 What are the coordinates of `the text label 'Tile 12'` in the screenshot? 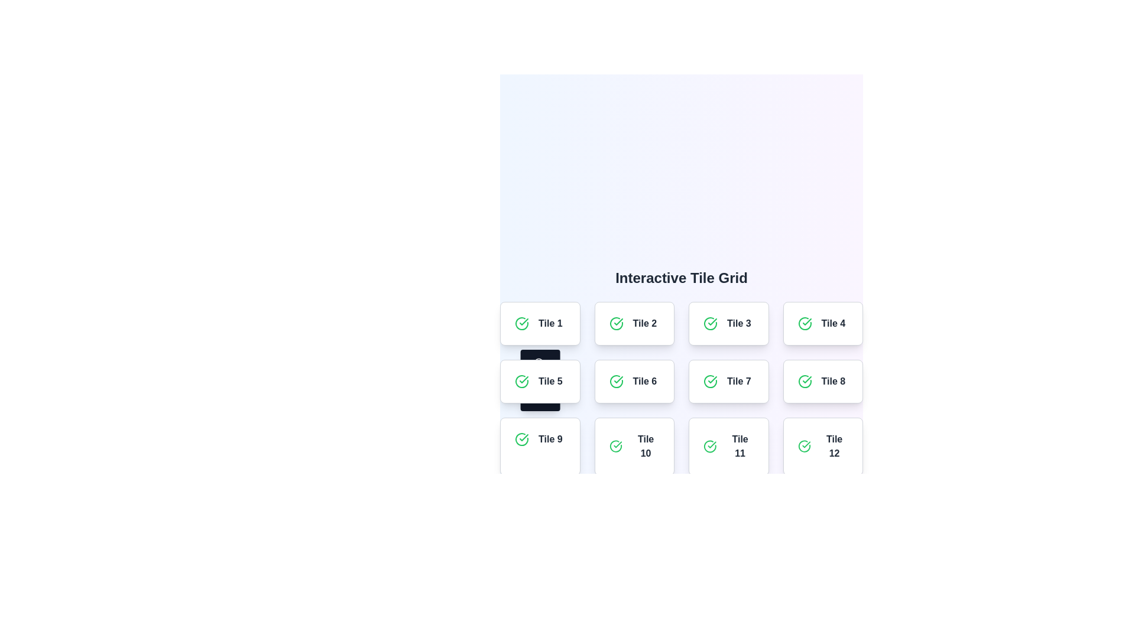 It's located at (834, 447).